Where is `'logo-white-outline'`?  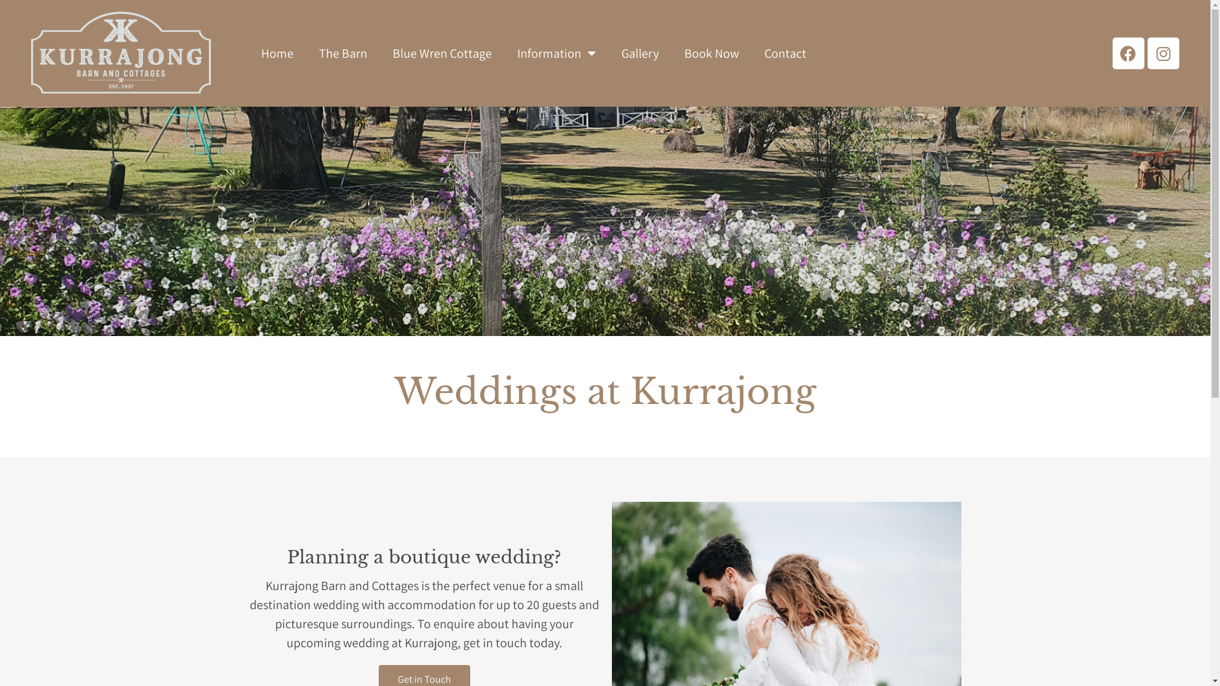 'logo-white-outline' is located at coordinates (121, 53).